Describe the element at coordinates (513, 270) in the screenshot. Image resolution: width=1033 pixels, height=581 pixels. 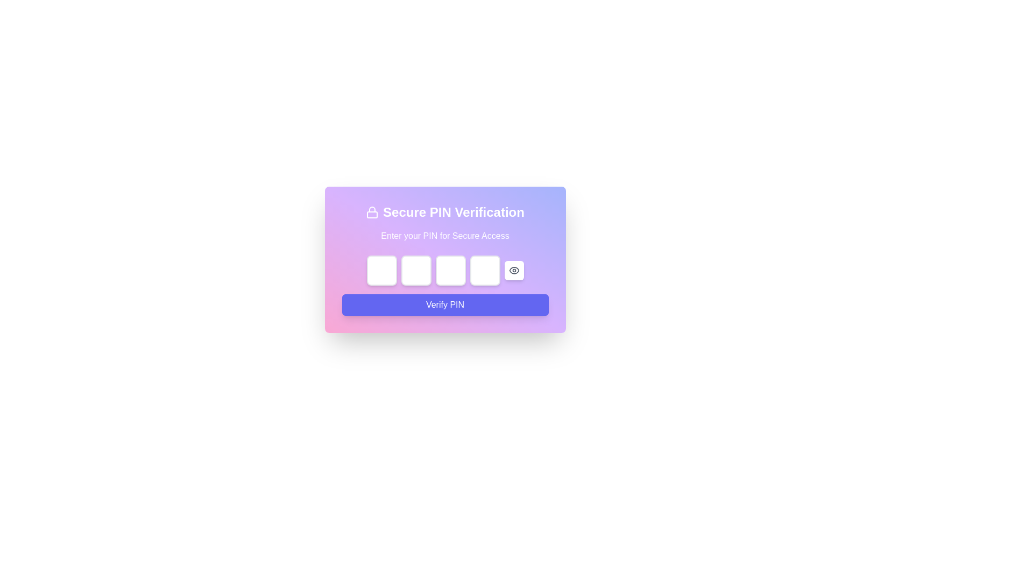
I see `the gray eye-shaped icon located to the right of the fourth PIN input box in the 'Secure PIN Verification' dialog` at that location.